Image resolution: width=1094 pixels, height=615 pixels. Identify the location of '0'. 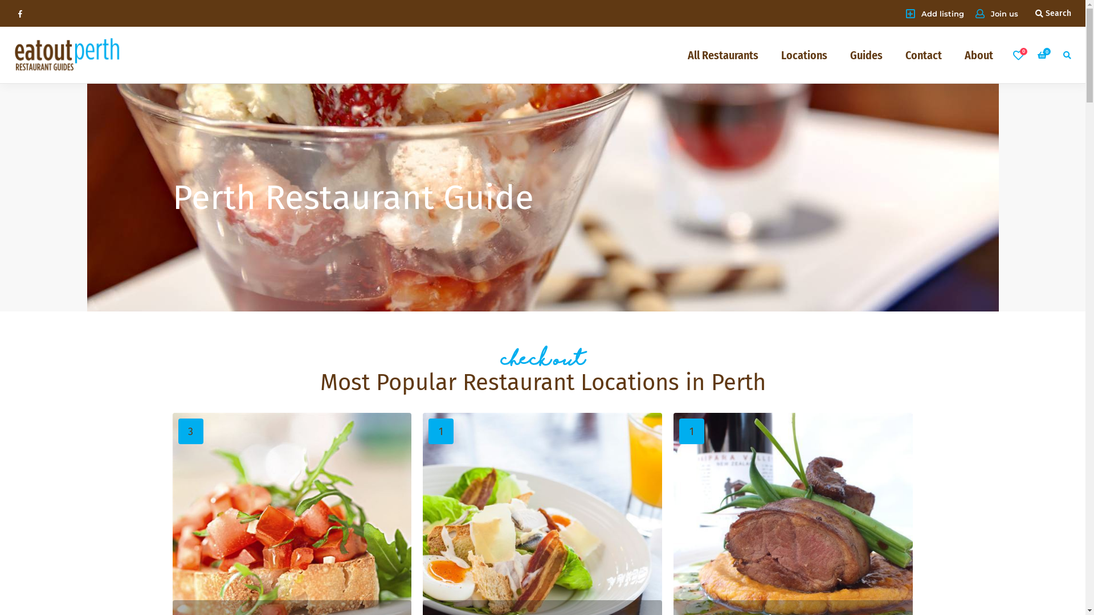
(1043, 55).